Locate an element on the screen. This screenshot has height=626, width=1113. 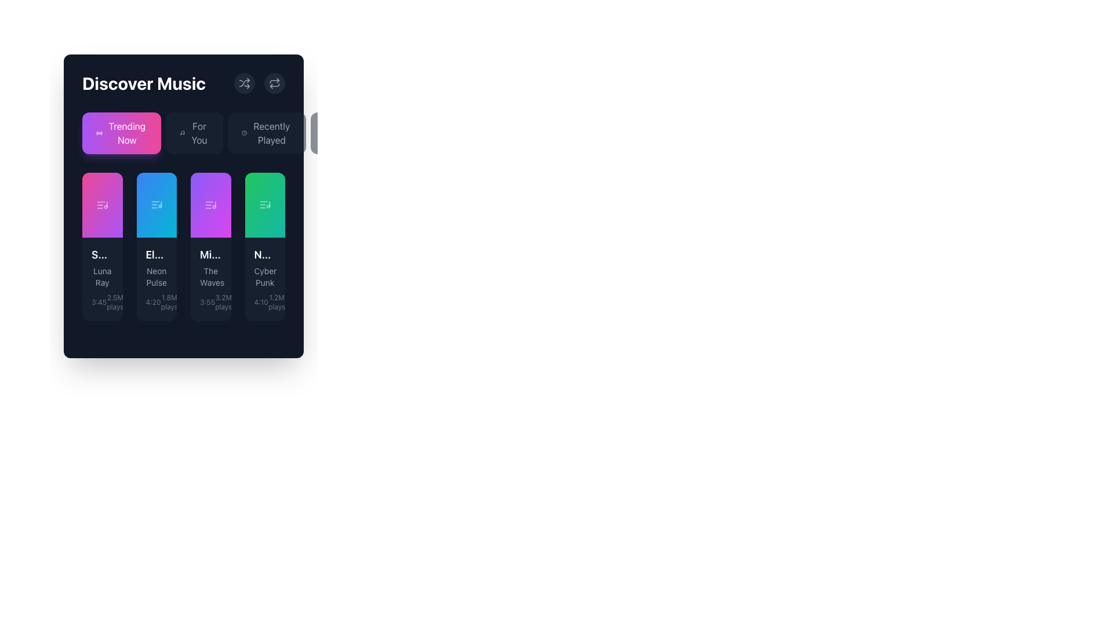
the music-related icon in the second card labeled 'Neon Pulse' within the 'Discover Music' section is located at coordinates (156, 205).